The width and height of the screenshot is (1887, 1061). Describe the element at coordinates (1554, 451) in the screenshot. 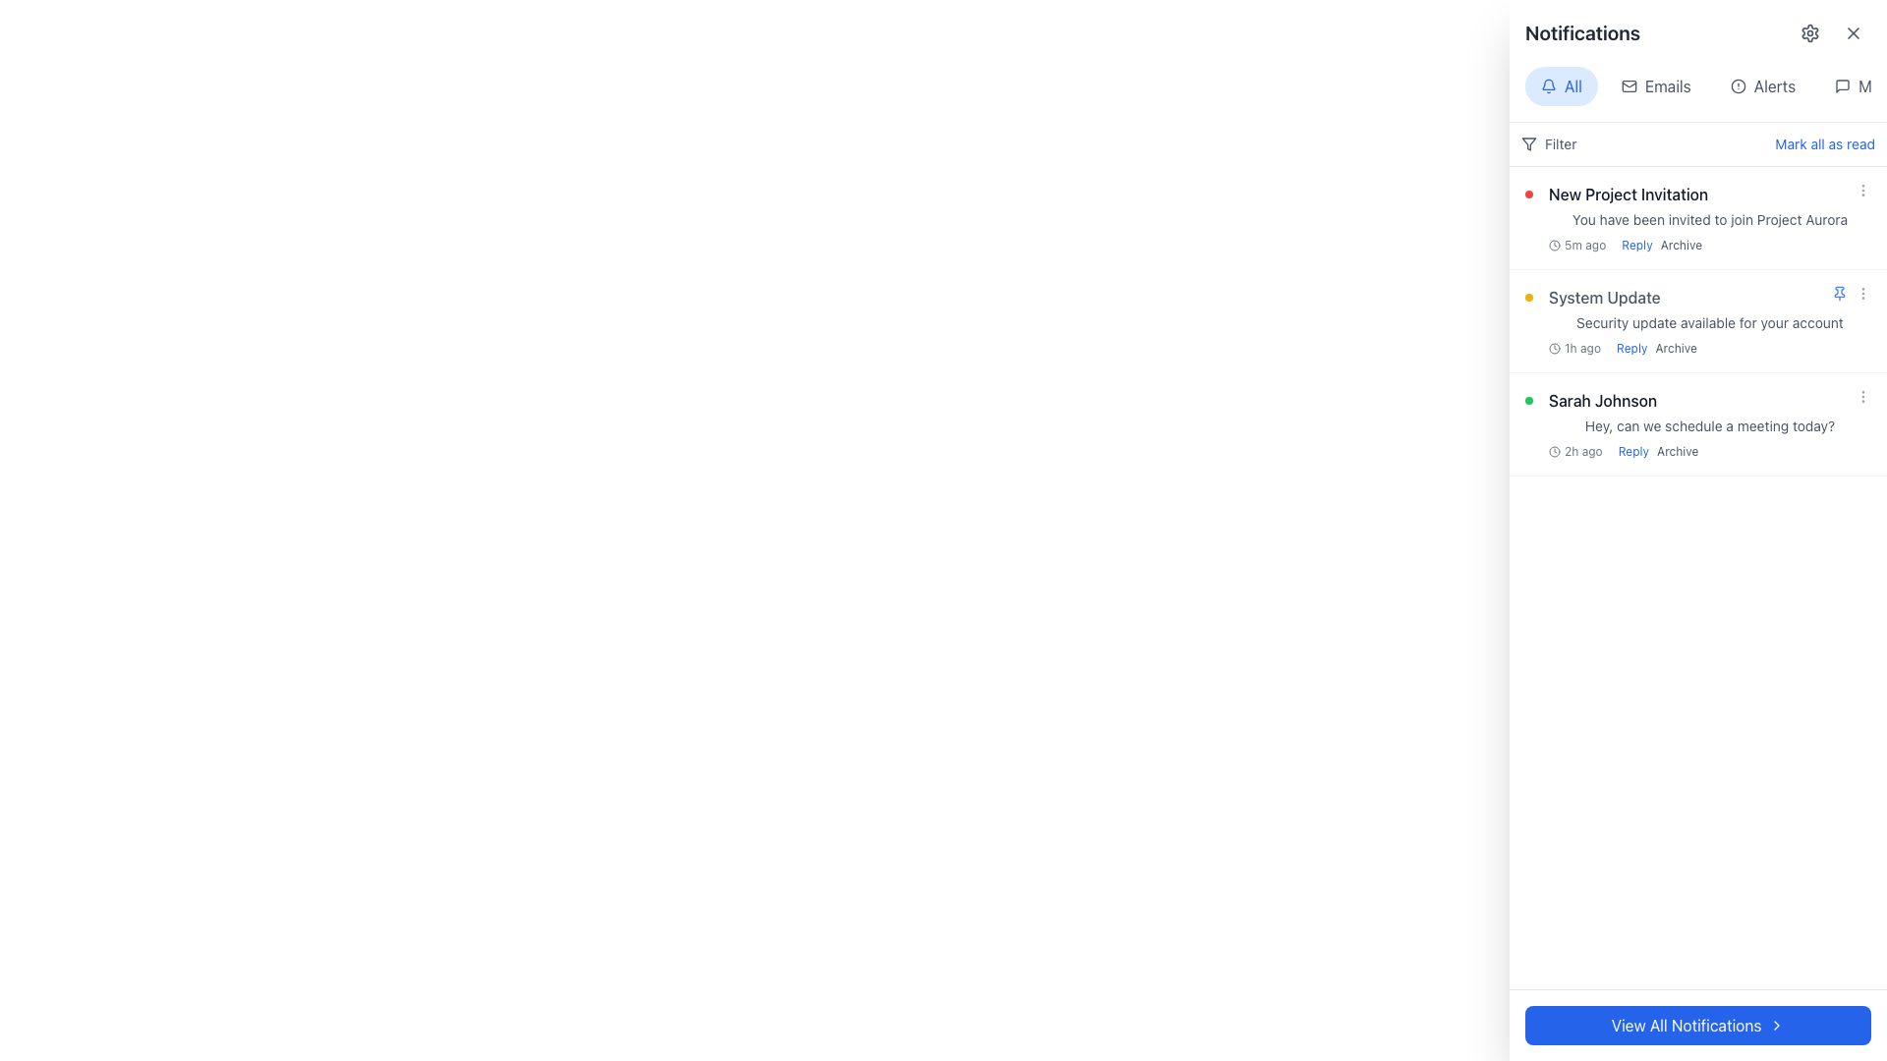

I see `the clock icon located to the left of the '2h ago' timestamp in the bottom notification entry of the right-side notification panel` at that location.